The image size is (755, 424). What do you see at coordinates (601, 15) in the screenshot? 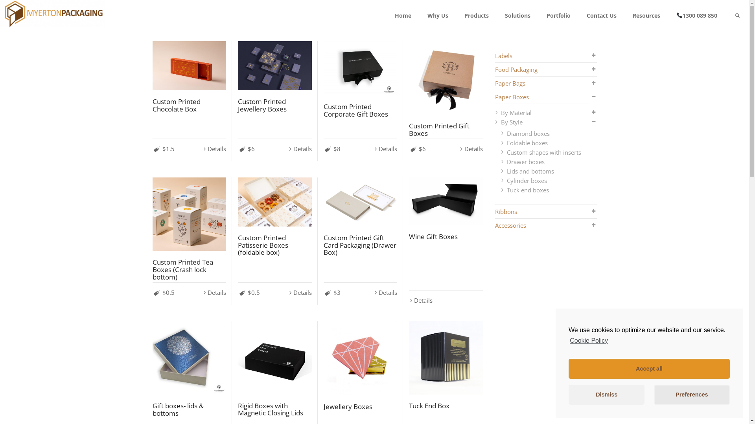
I see `'Contact Us'` at bounding box center [601, 15].